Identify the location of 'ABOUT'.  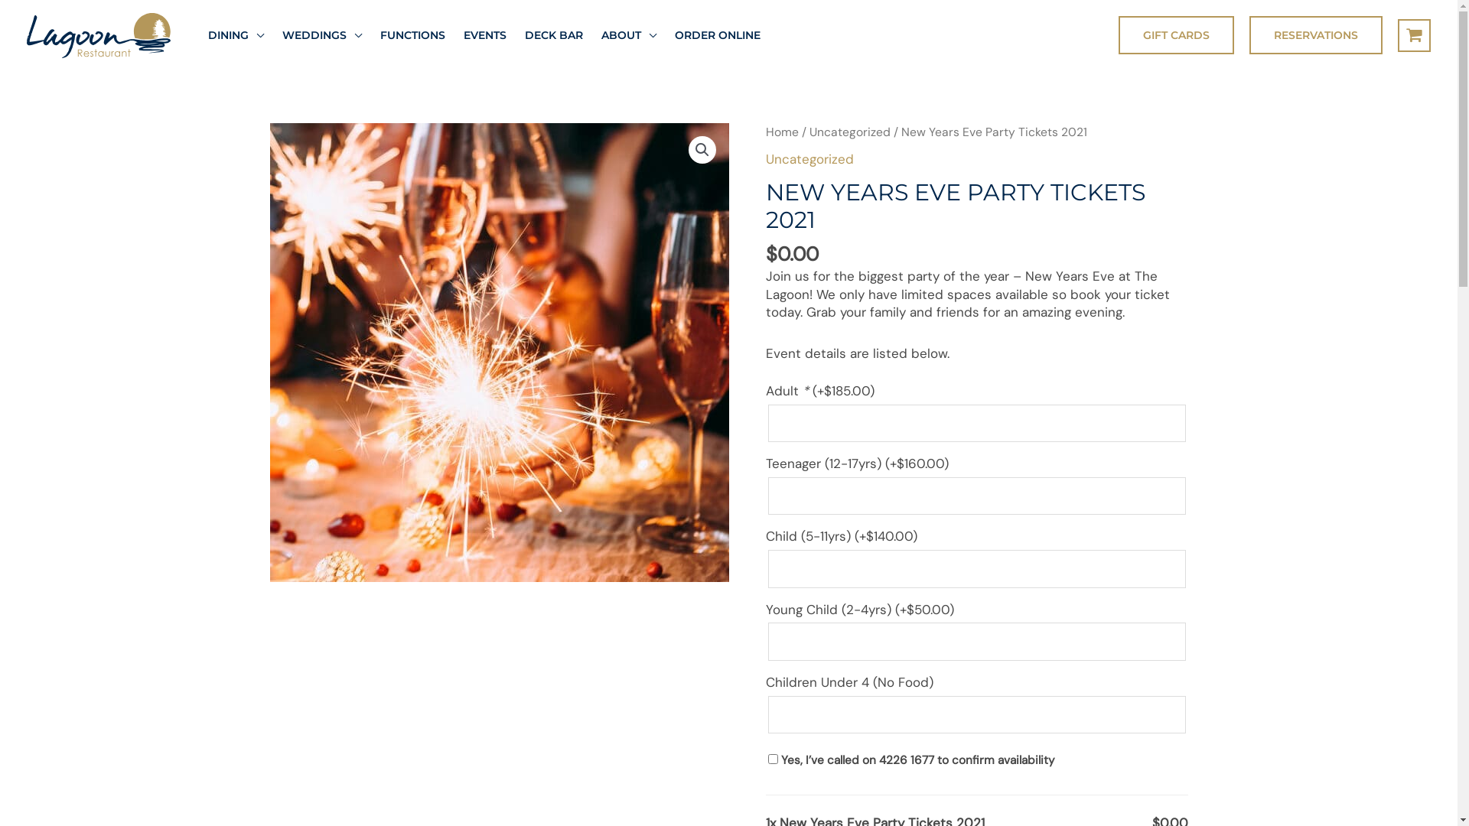
(628, 34).